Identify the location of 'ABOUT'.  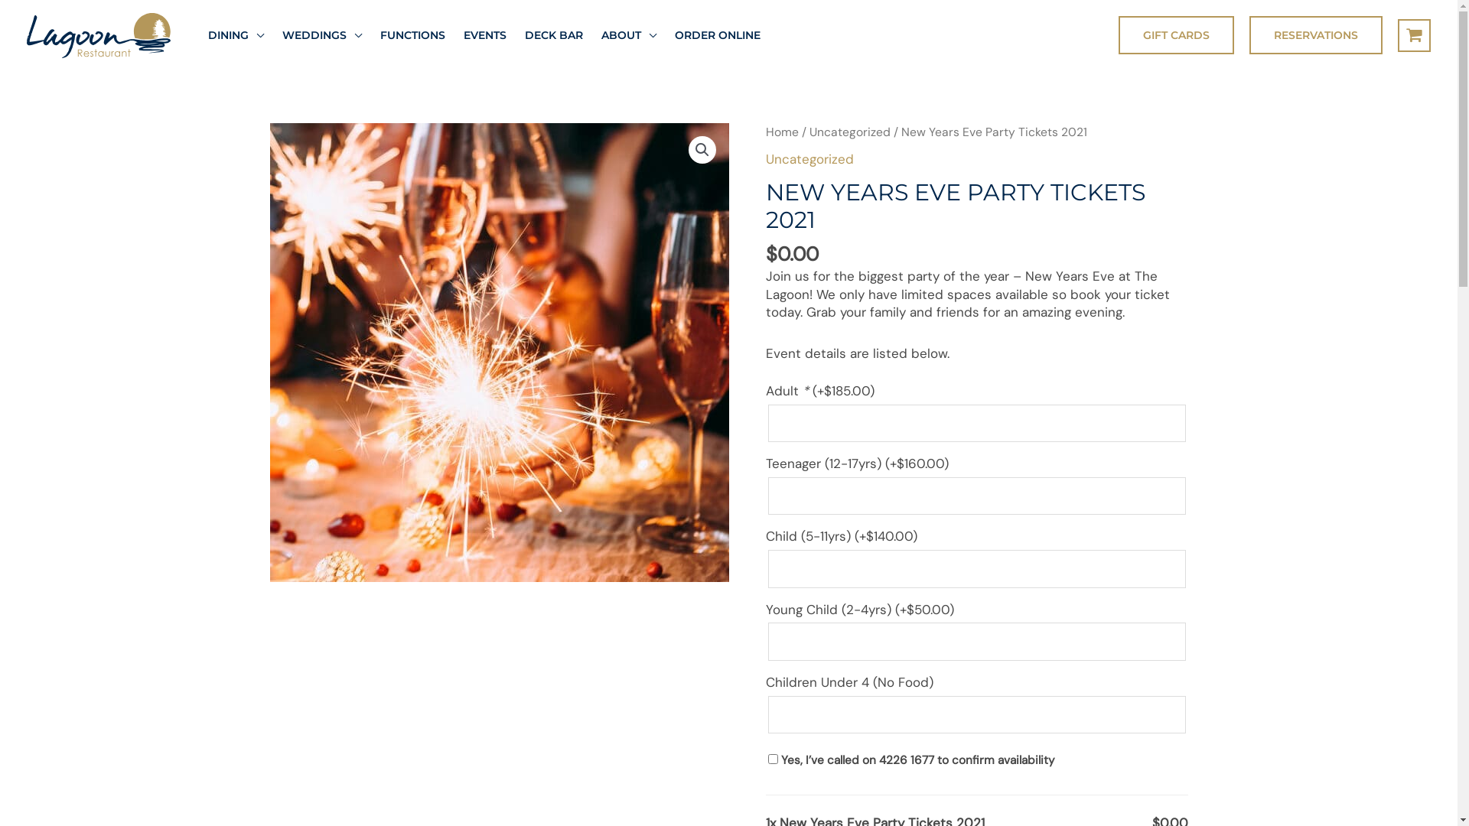
(628, 34).